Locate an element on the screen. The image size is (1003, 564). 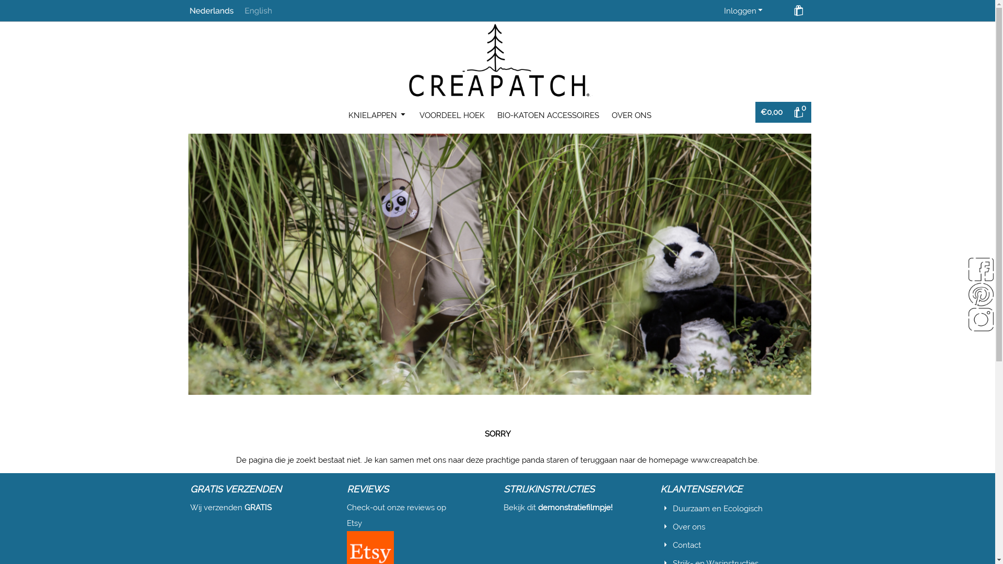
'OVER ONS' is located at coordinates (631, 115).